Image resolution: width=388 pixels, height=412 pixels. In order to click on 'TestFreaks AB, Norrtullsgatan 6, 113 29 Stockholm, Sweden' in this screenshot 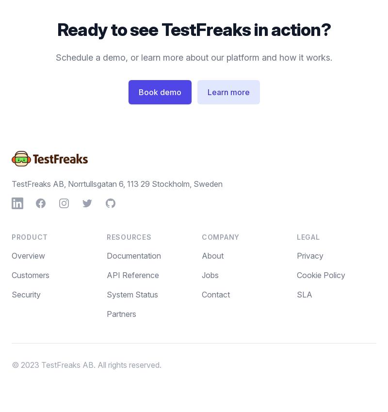, I will do `click(116, 183)`.